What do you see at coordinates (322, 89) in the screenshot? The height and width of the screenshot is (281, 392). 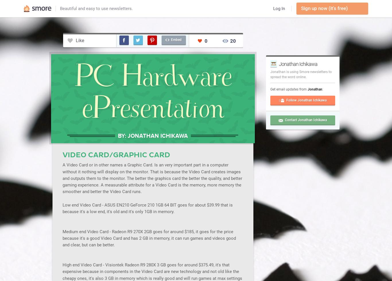 I see `':'` at bounding box center [322, 89].